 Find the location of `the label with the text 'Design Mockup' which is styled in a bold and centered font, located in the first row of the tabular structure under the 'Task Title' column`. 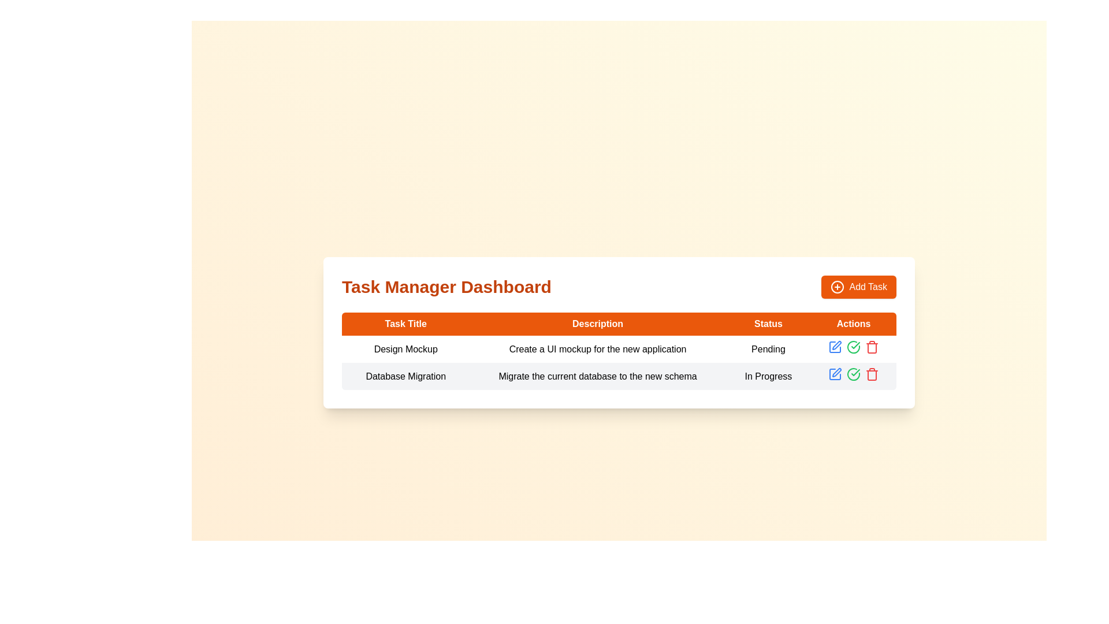

the label with the text 'Design Mockup' which is styled in a bold and centered font, located in the first row of the tabular structure under the 'Task Title' column is located at coordinates (405, 348).